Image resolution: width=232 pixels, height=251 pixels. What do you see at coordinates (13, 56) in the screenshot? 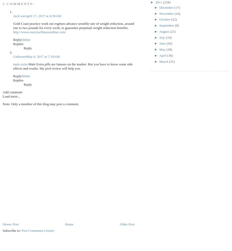
I see `'Unknown'` at bounding box center [13, 56].